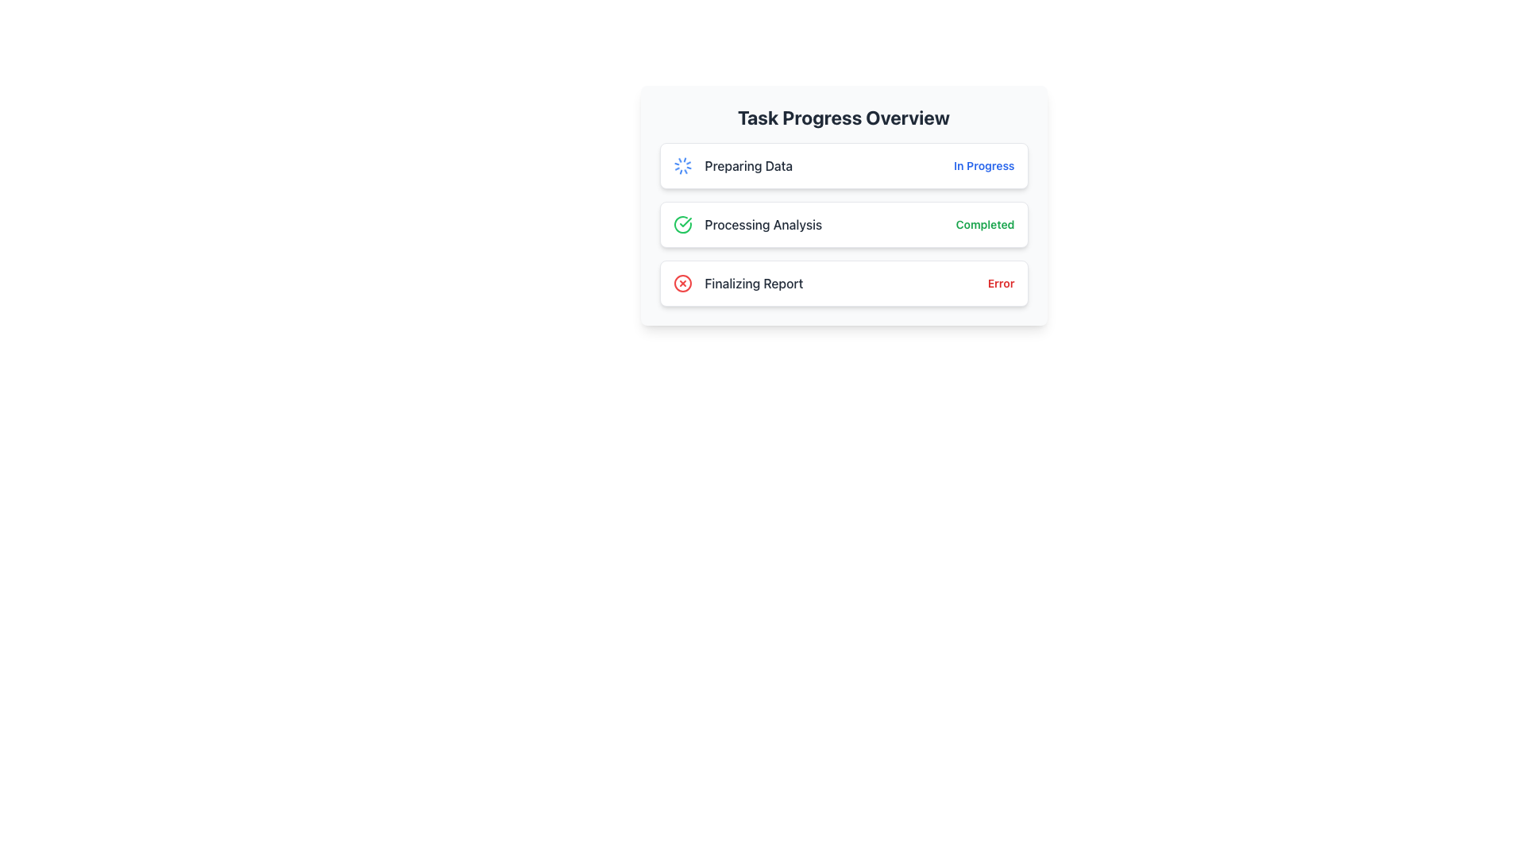 Image resolution: width=1525 pixels, height=858 pixels. What do you see at coordinates (737, 283) in the screenshot?
I see `the 'Finalizing Report' status label with a red error icon, which is the second element in the third row of the 'Task Progress Overview' status list` at bounding box center [737, 283].